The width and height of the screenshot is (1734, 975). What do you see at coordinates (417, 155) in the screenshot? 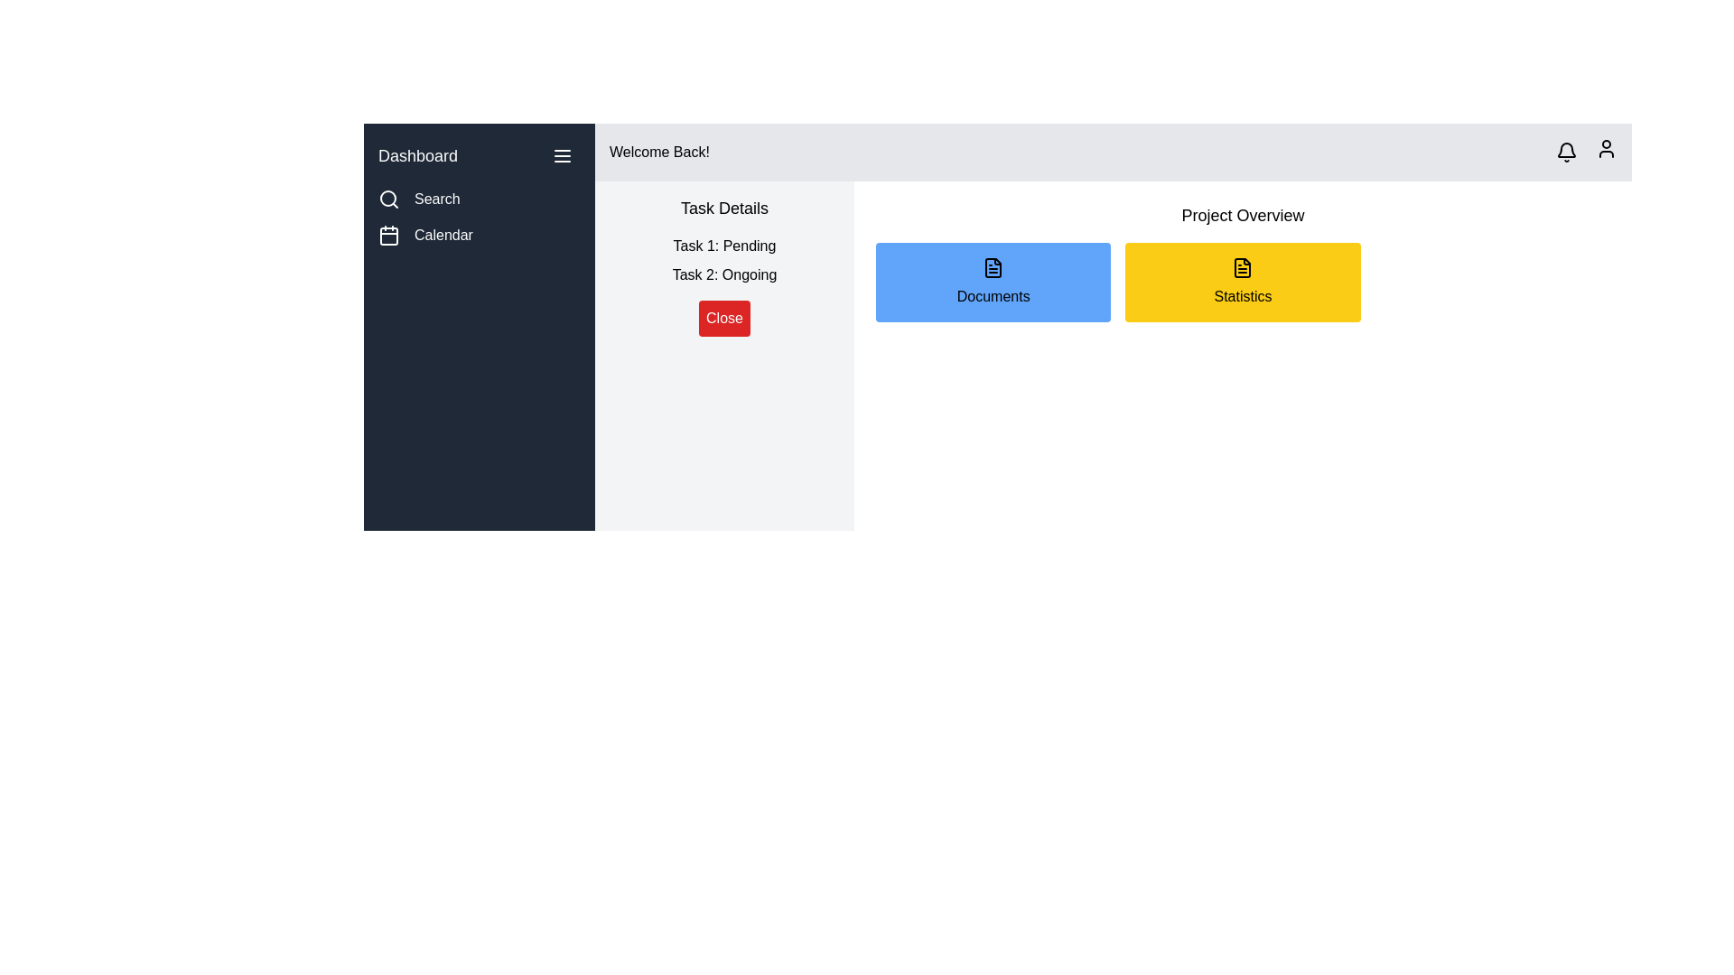
I see `'Dashboard' Text Label located in the top-left corner of the vertical sidebar, which indicates the current section of the interface` at bounding box center [417, 155].